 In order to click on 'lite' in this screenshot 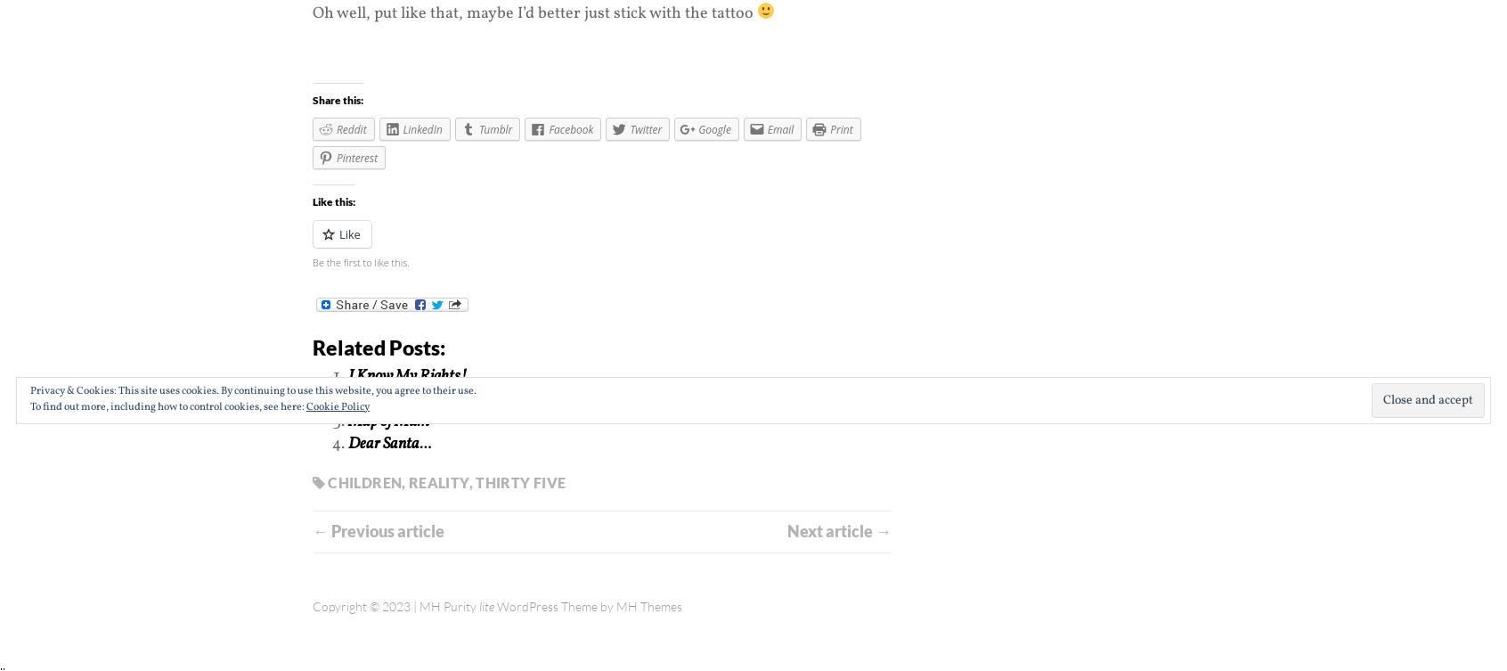, I will do `click(486, 604)`.